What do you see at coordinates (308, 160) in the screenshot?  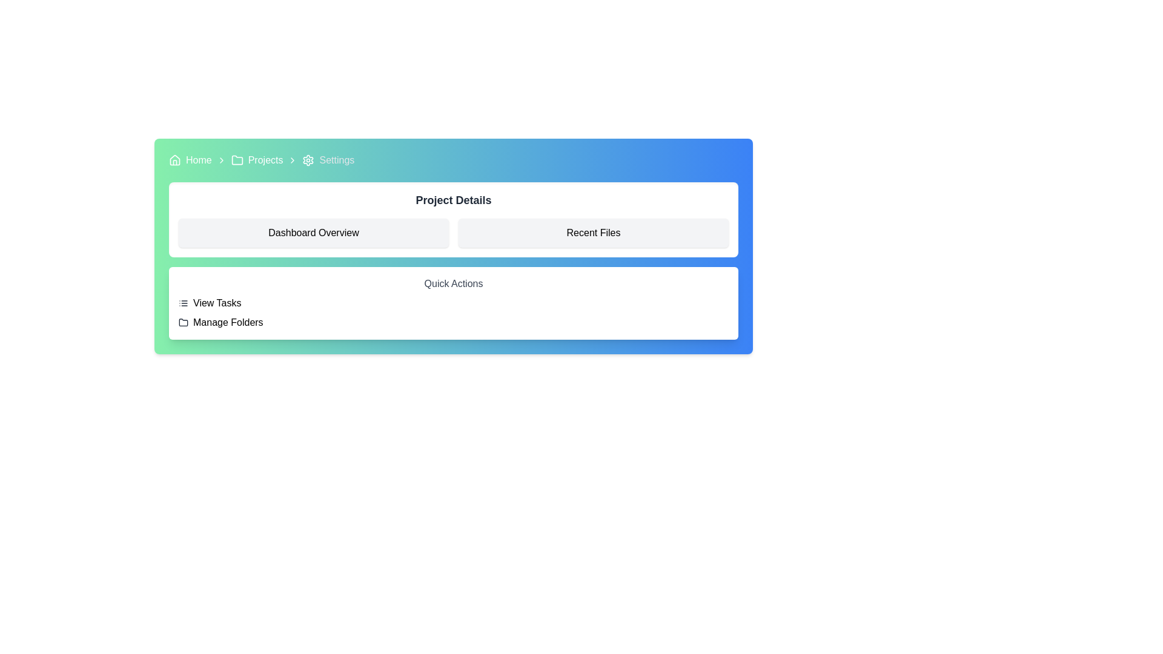 I see `the gear-shaped icon with a white outline in the breadcrumb navigation bar, which is the eleventh item, indicating settings or configuration options` at bounding box center [308, 160].